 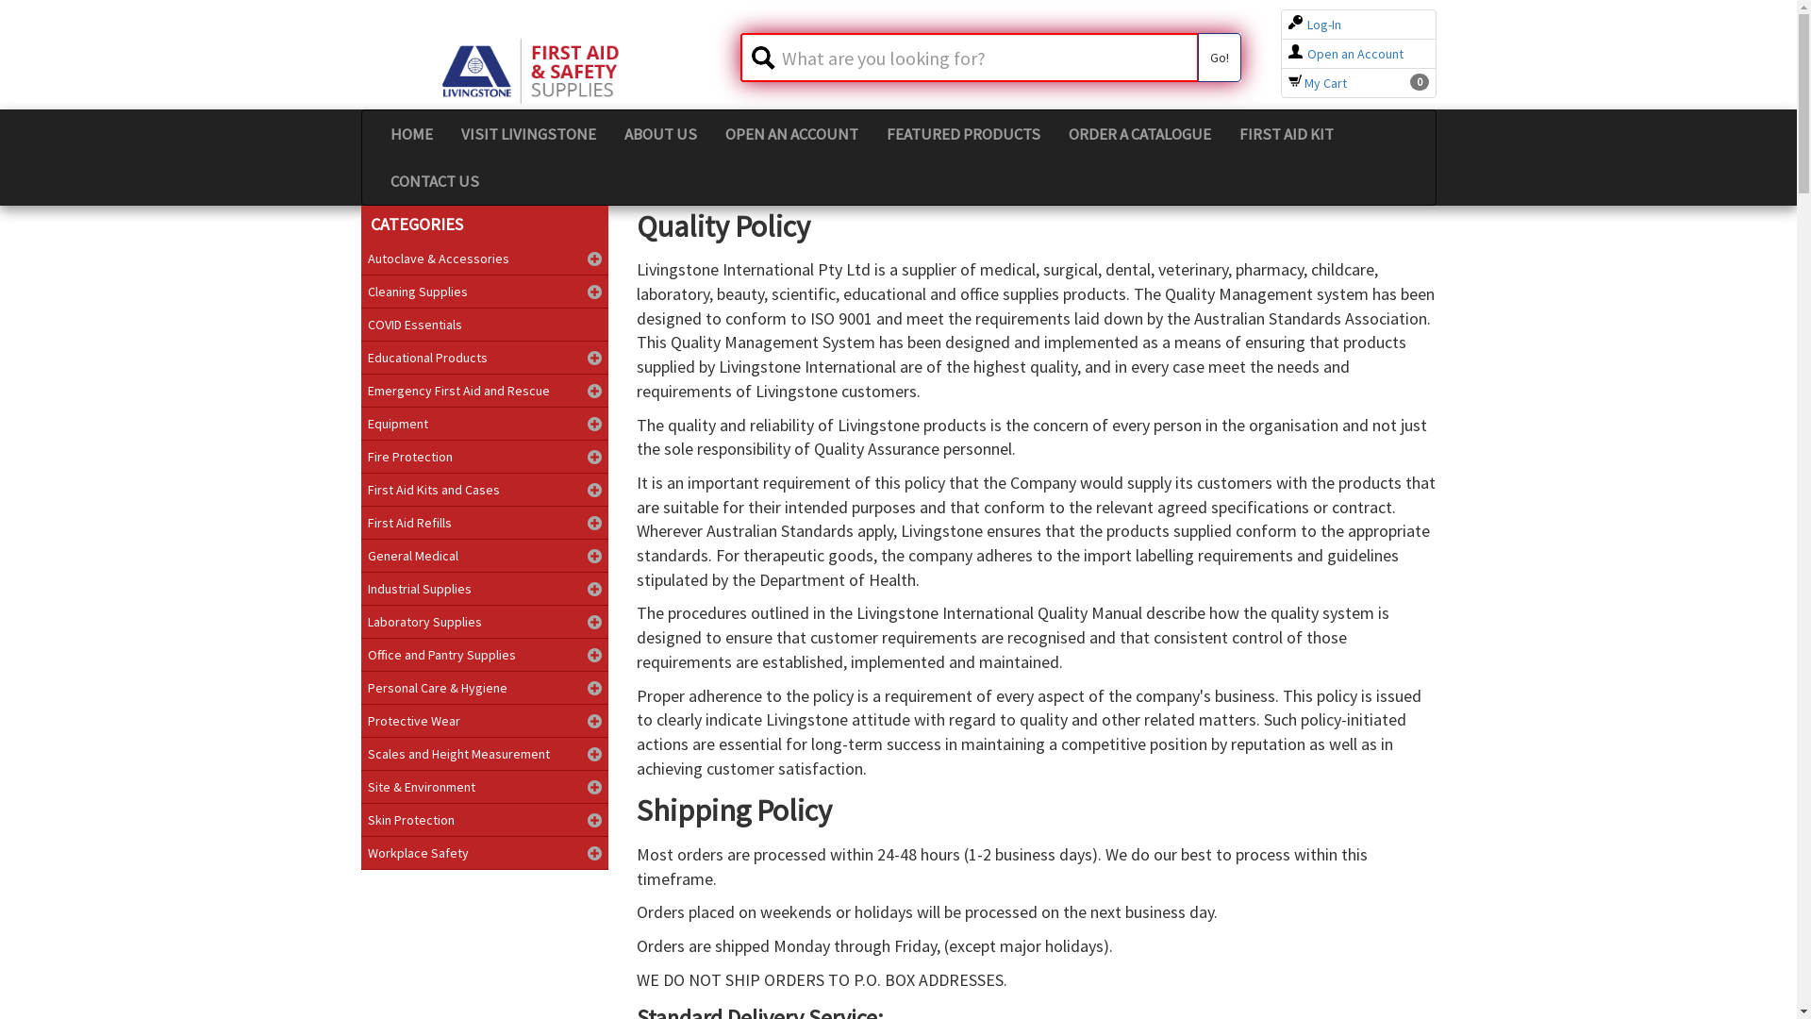 What do you see at coordinates (1285, 133) in the screenshot?
I see `'FIRST AID KIT'` at bounding box center [1285, 133].